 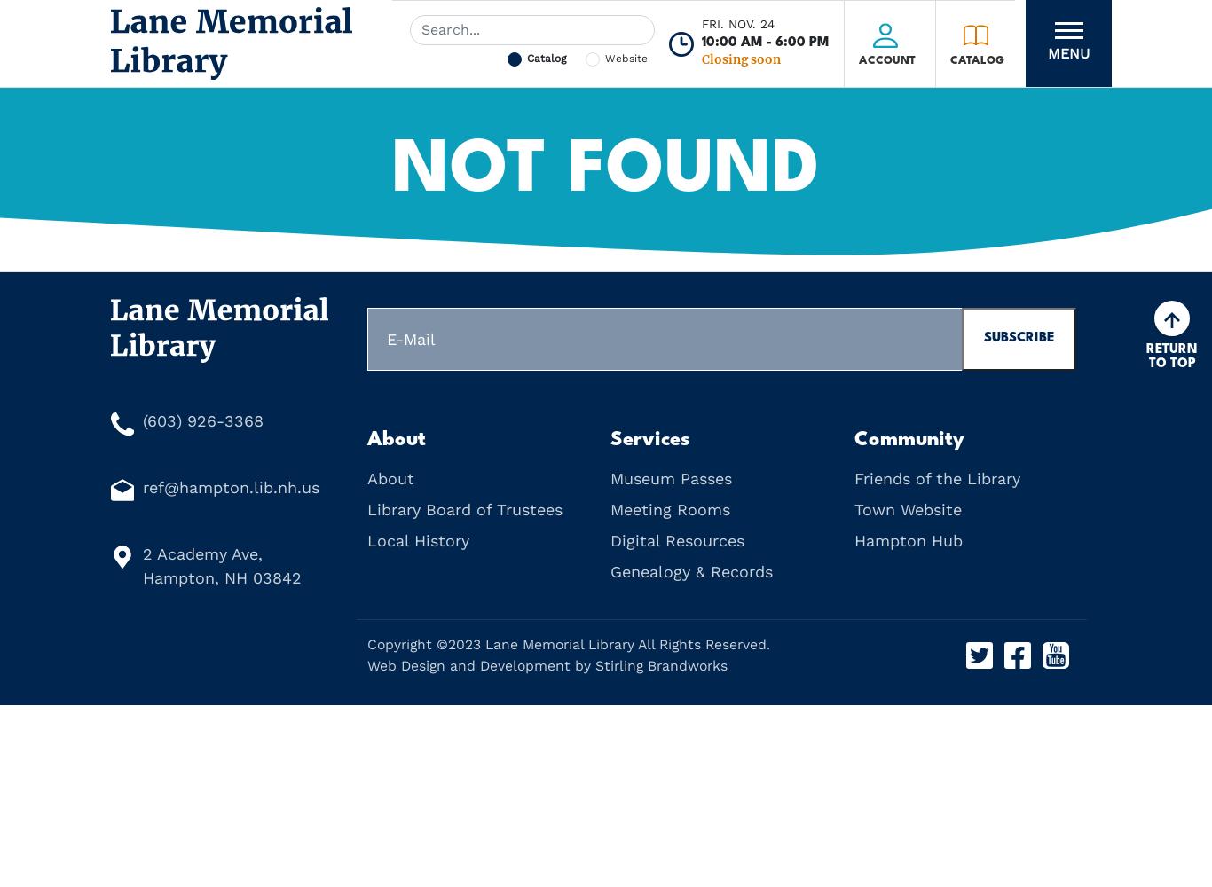 I want to click on 'Not Found', so click(x=606, y=170).